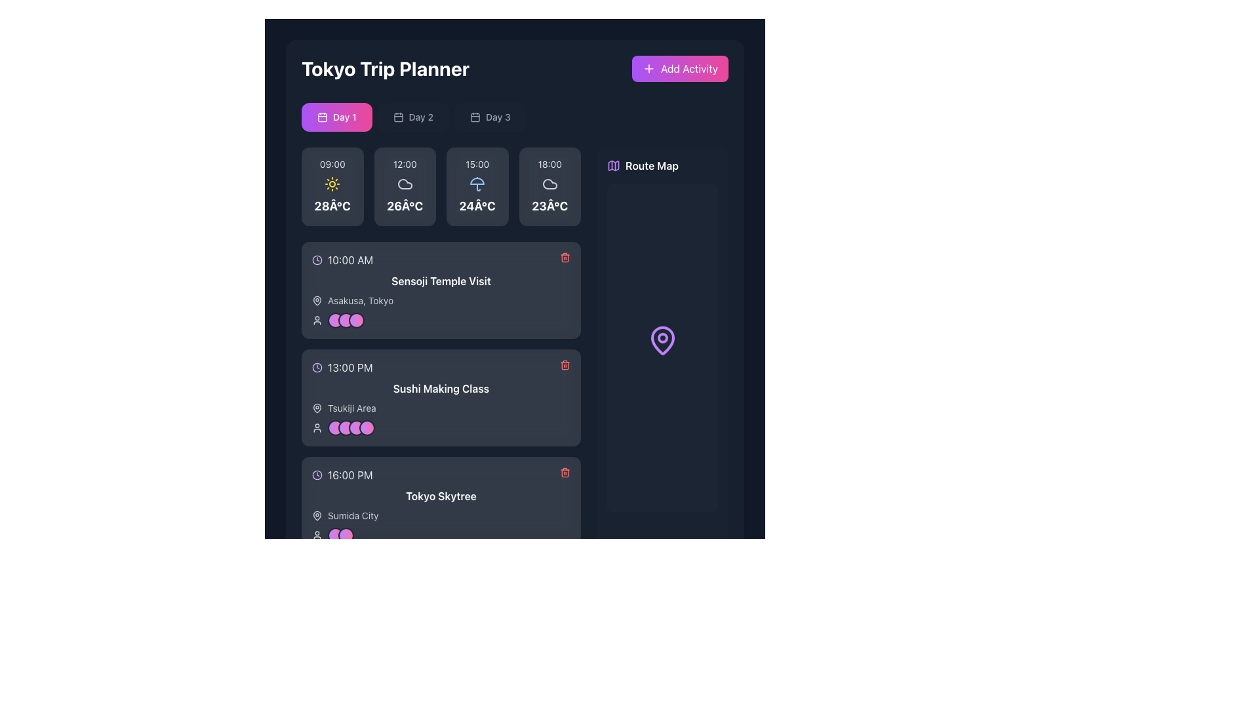 This screenshot has width=1259, height=708. I want to click on contents of the weather information card displaying '09:00' at the top, a yellow sun icon in the center, and '28Â°C' at the bottom, located near the top-left section of the app interface, so click(332, 187).